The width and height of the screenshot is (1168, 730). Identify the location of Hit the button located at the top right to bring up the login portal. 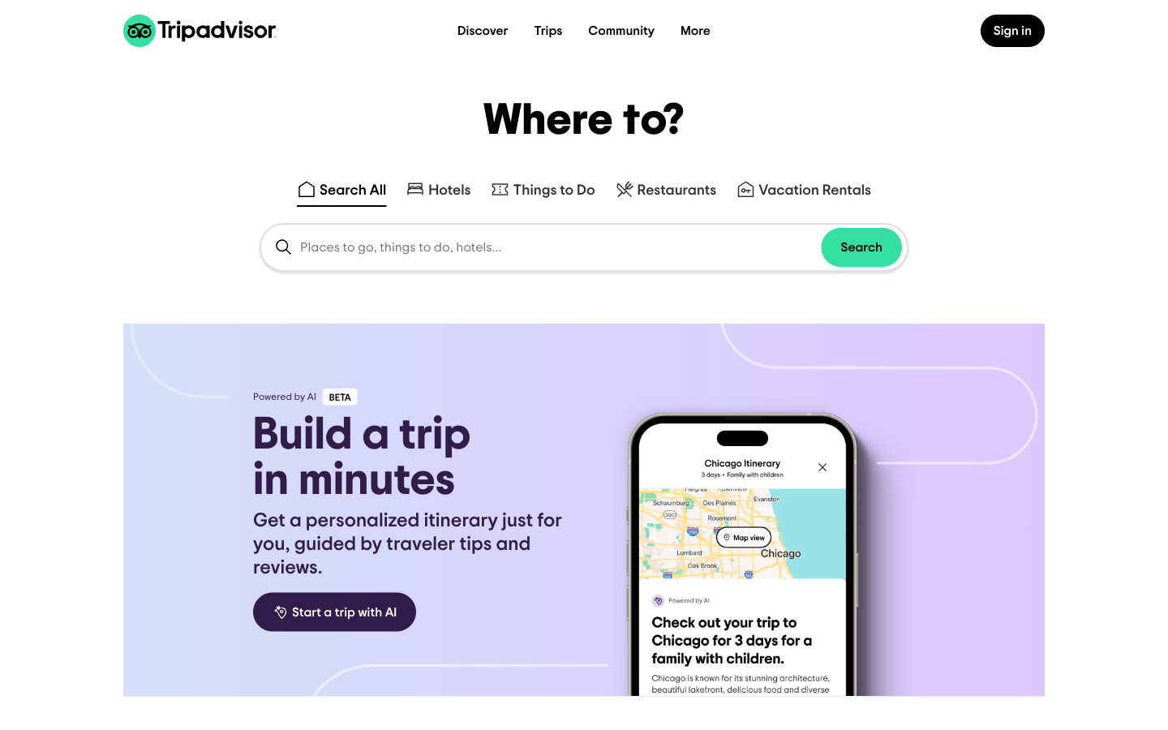
(1011, 23).